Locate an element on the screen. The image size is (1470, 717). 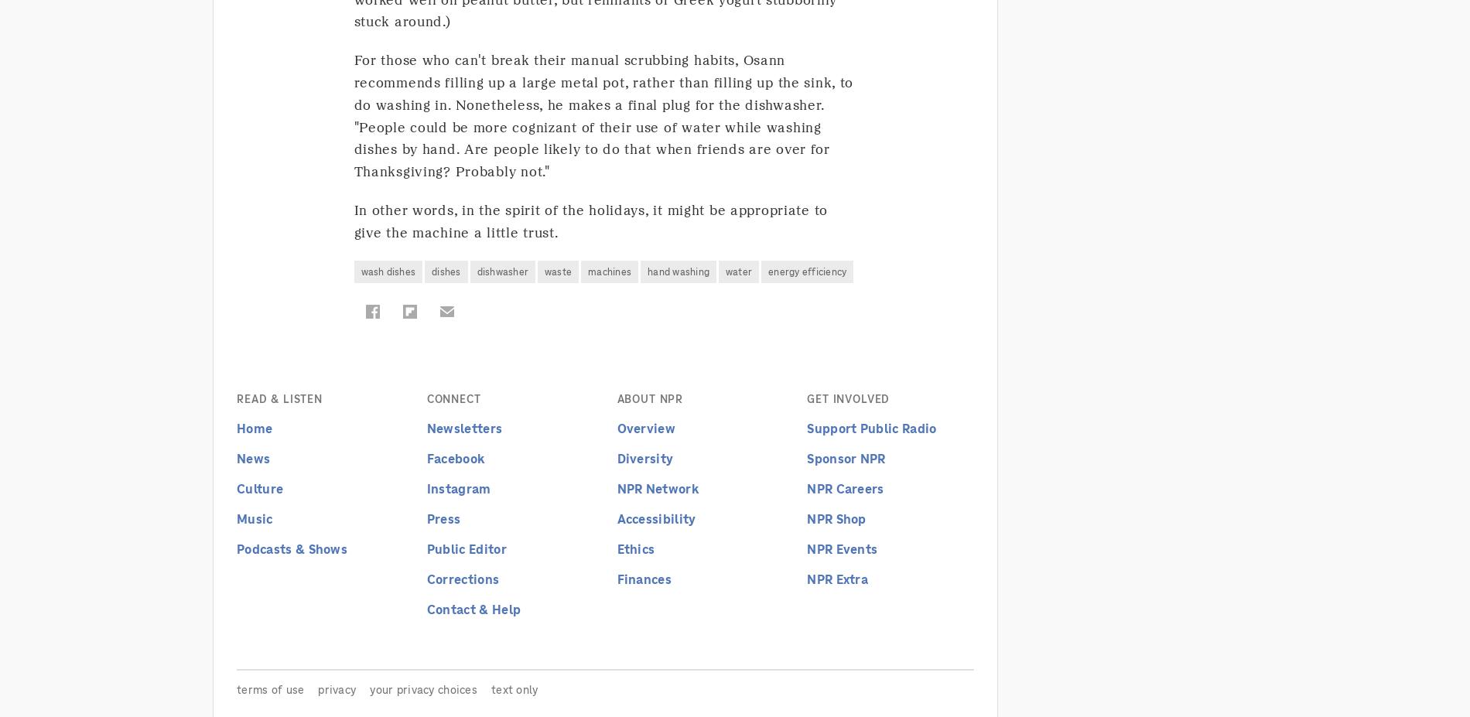
'Overview' is located at coordinates (616, 427).